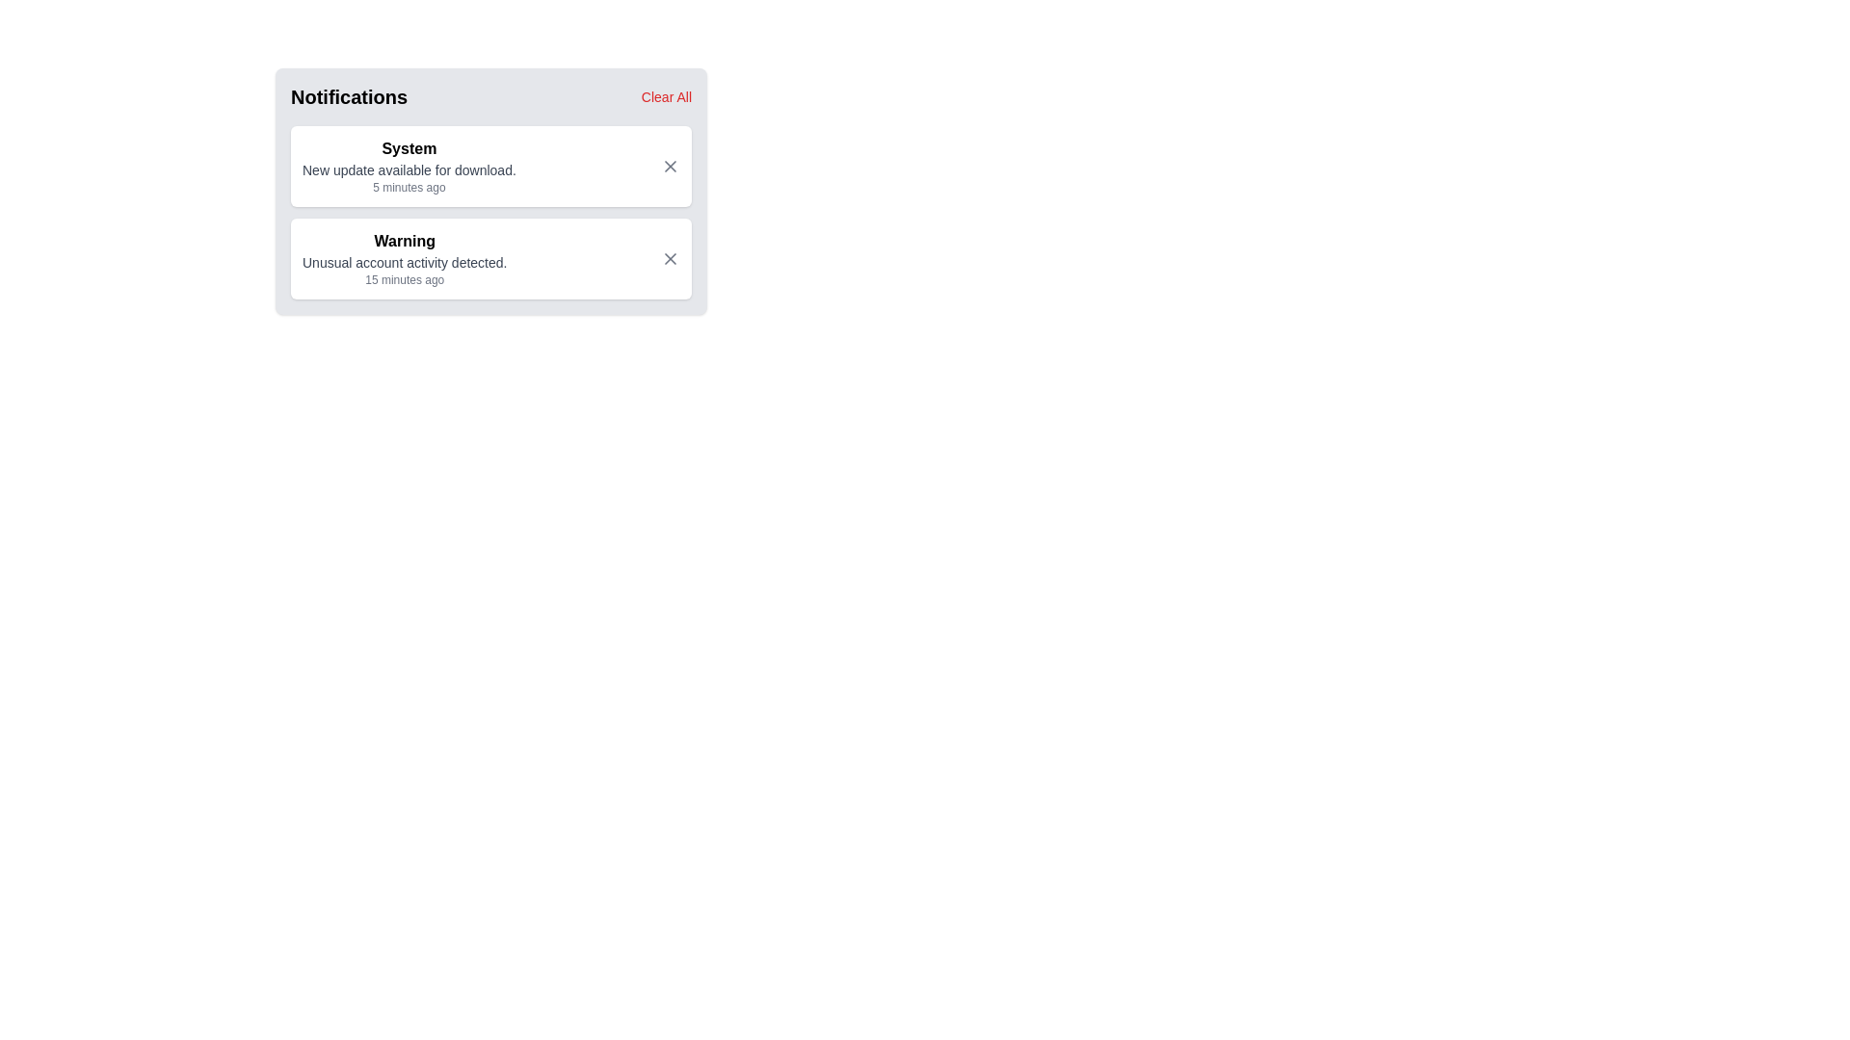 This screenshot has height=1040, width=1850. Describe the element at coordinates (671, 166) in the screenshot. I see `the 'X' icon of the close button in the top-right corner of the 'System' notification` at that location.